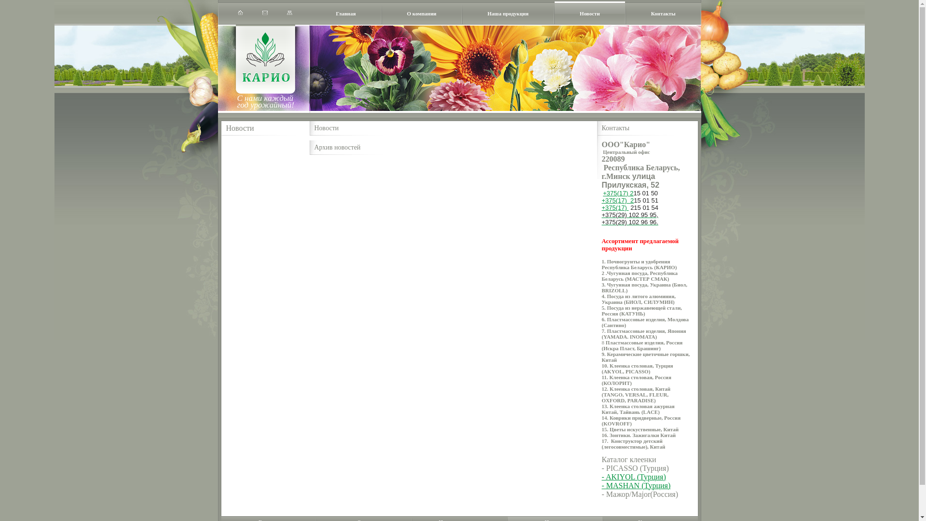 The image size is (926, 521). I want to click on '+375(17) 2', so click(618, 193).